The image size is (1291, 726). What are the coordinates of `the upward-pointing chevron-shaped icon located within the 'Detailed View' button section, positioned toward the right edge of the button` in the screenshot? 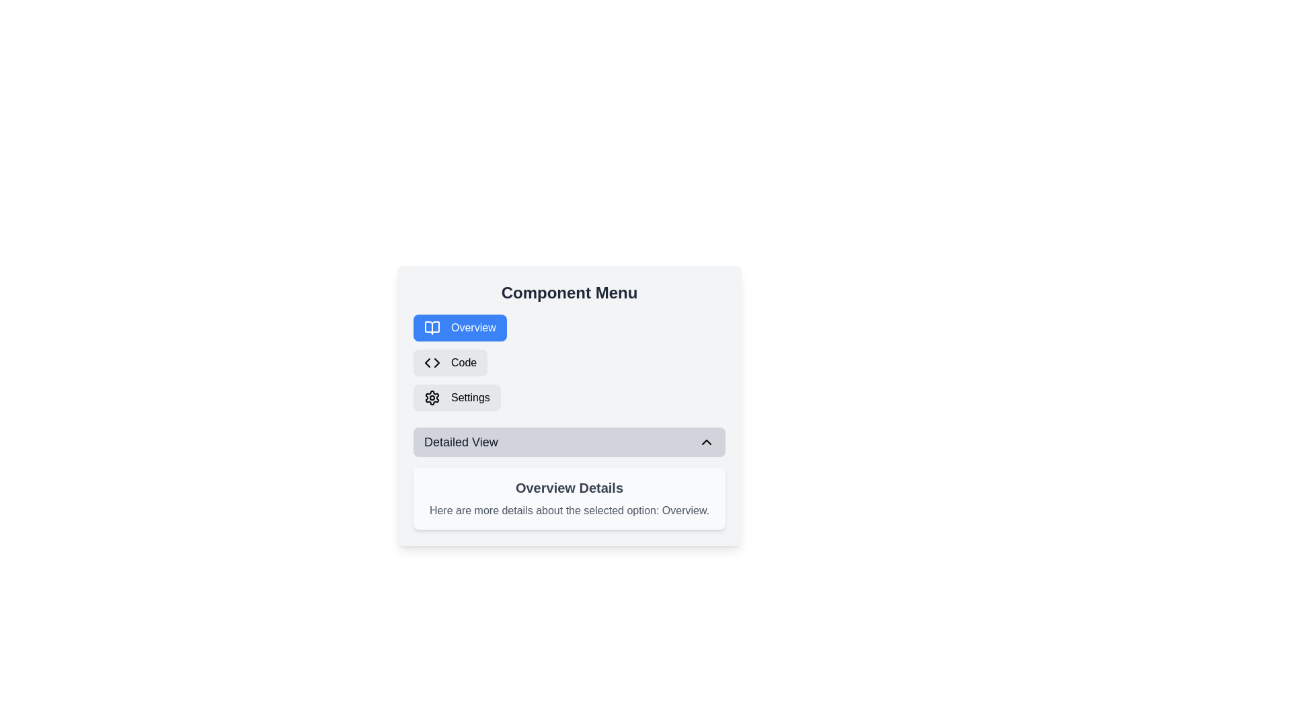 It's located at (706, 442).